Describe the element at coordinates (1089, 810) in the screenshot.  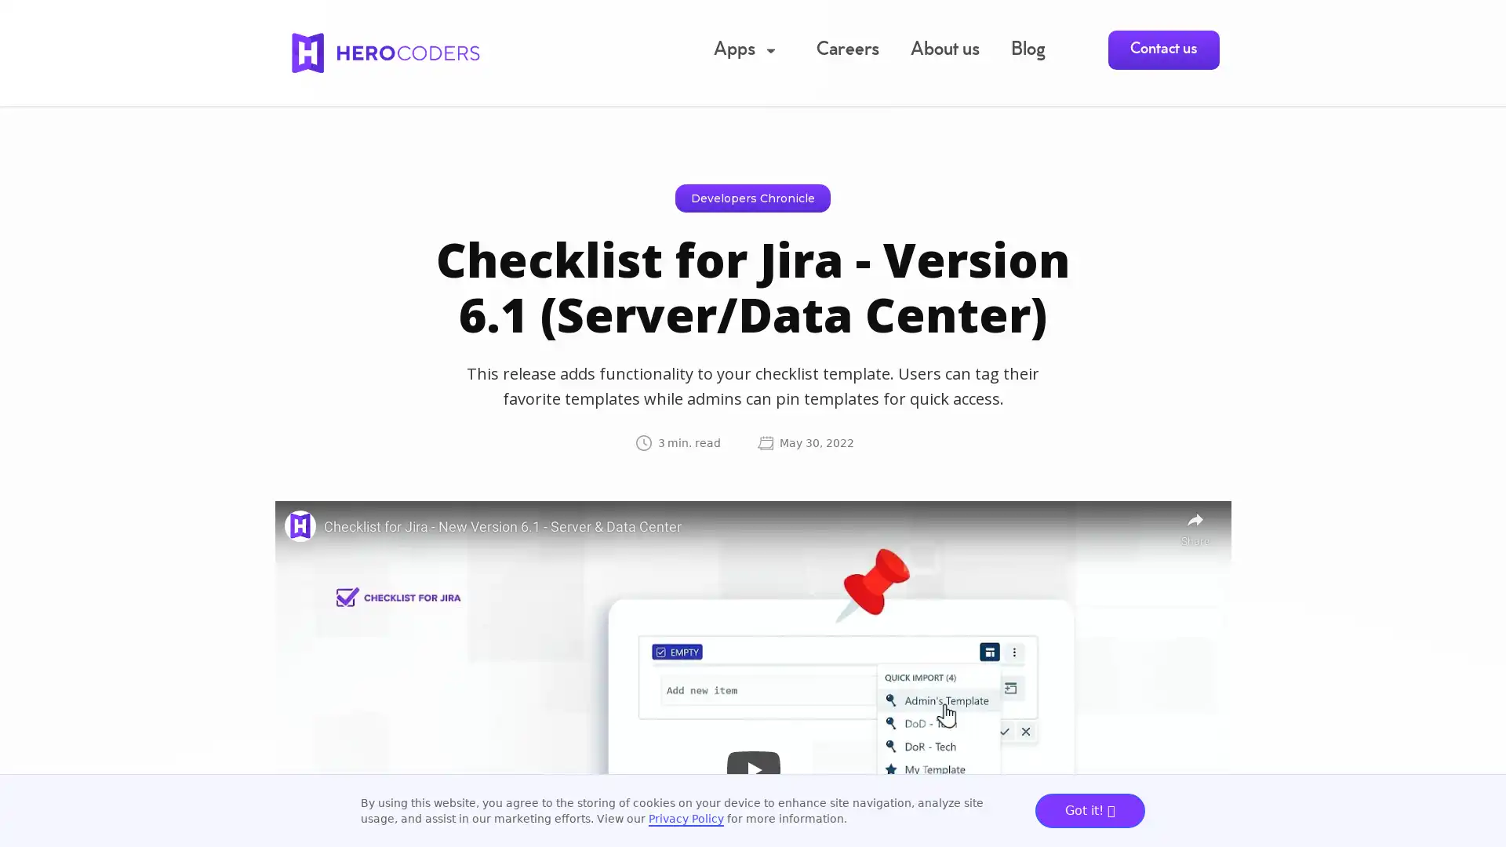
I see `Got it!` at that location.